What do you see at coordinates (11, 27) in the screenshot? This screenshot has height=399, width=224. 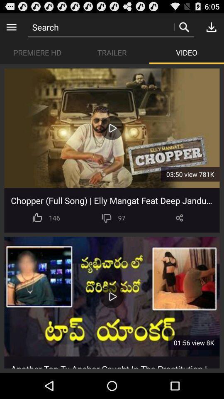 I see `open the menu` at bounding box center [11, 27].